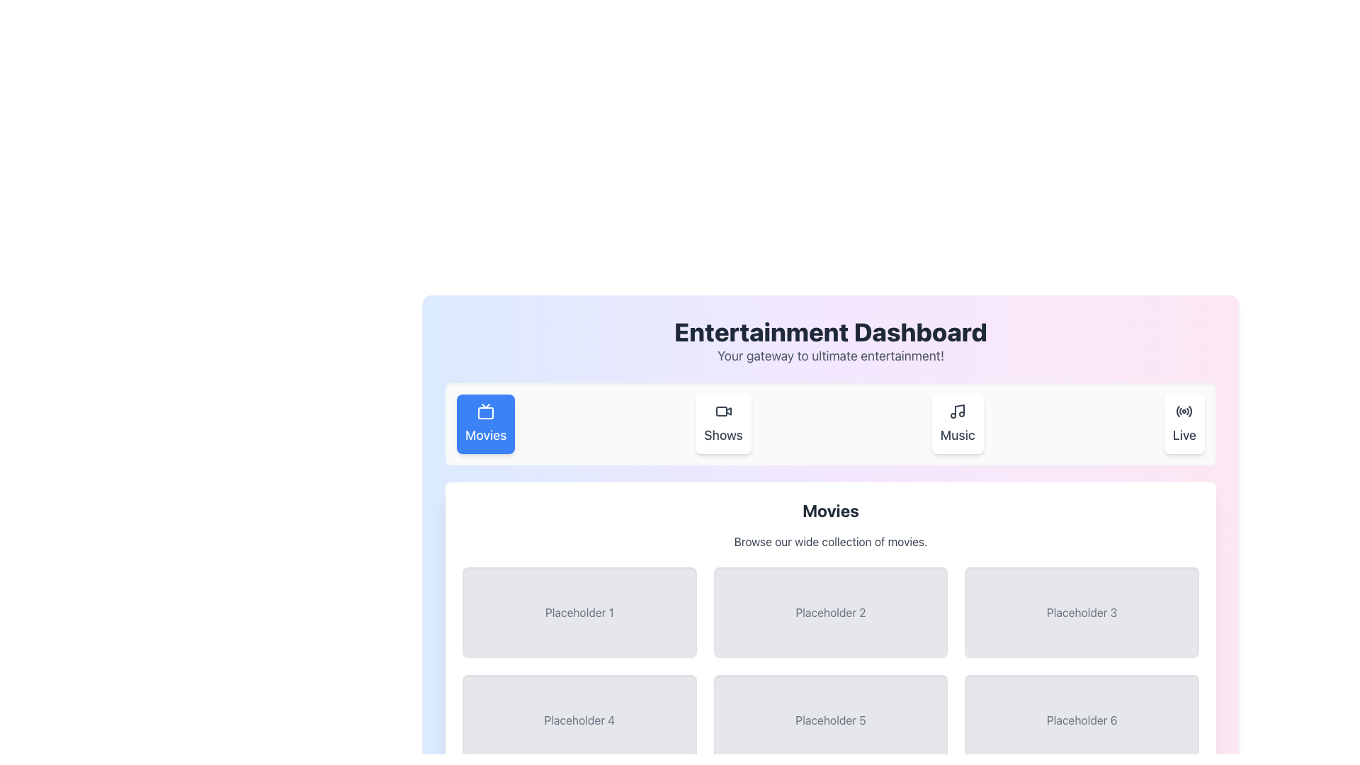 The width and height of the screenshot is (1360, 765). What do you see at coordinates (830, 541) in the screenshot?
I see `the text component displaying 'Browse our wide collection of movies.' which is centered under the 'Movies' header` at bounding box center [830, 541].